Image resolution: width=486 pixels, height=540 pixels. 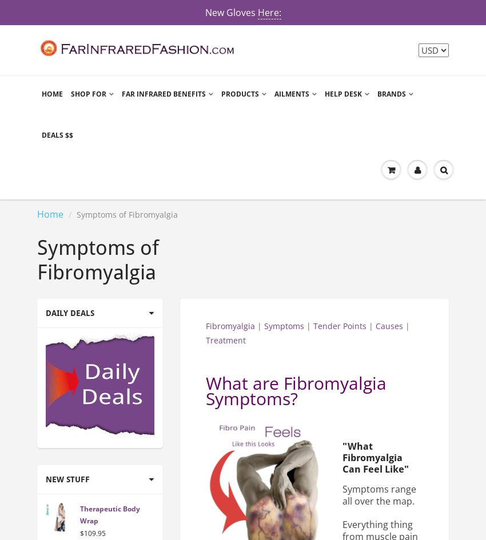 What do you see at coordinates (93, 532) in the screenshot?
I see `'$109.95'` at bounding box center [93, 532].